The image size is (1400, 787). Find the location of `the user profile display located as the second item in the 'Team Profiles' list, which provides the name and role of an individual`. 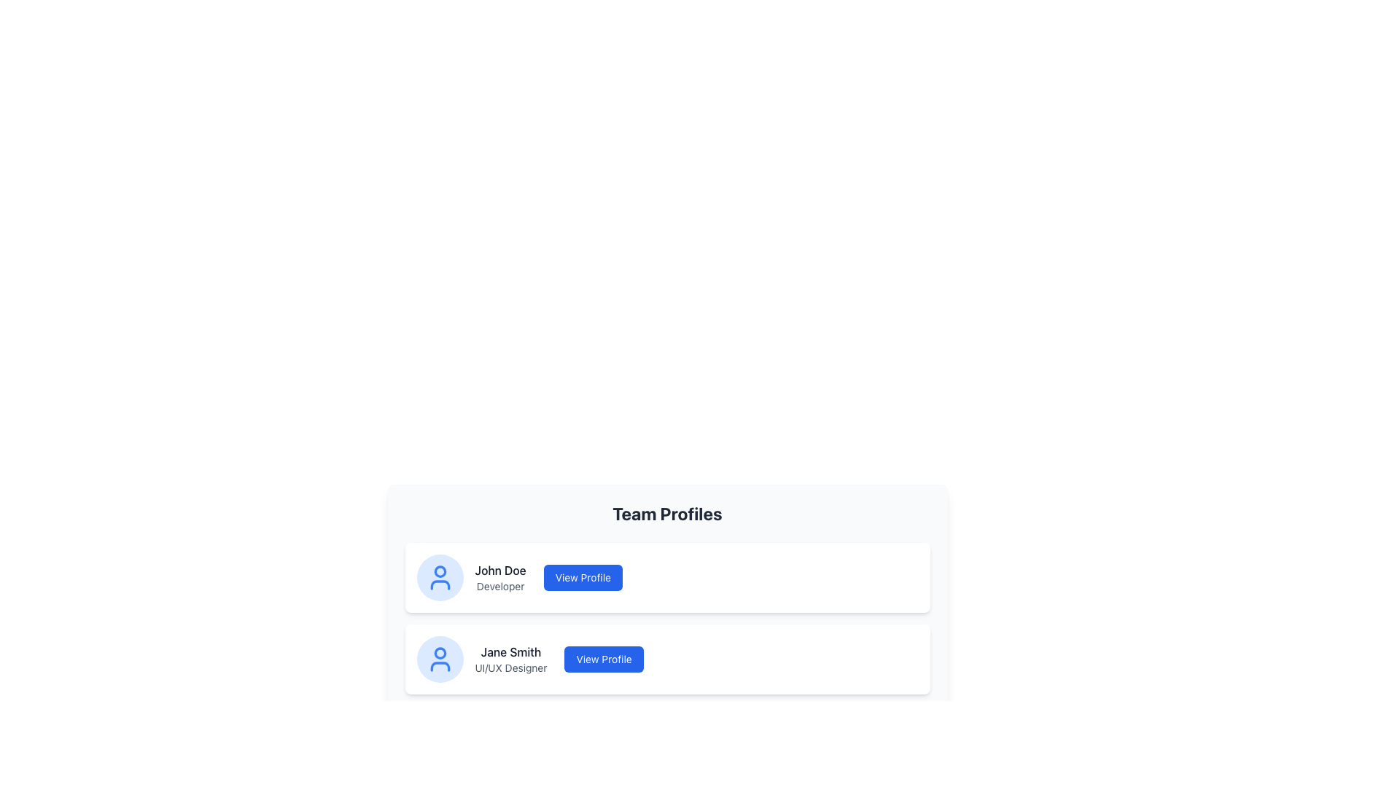

the user profile display located as the second item in the 'Team Profiles' list, which provides the name and role of an individual is located at coordinates (666, 659).